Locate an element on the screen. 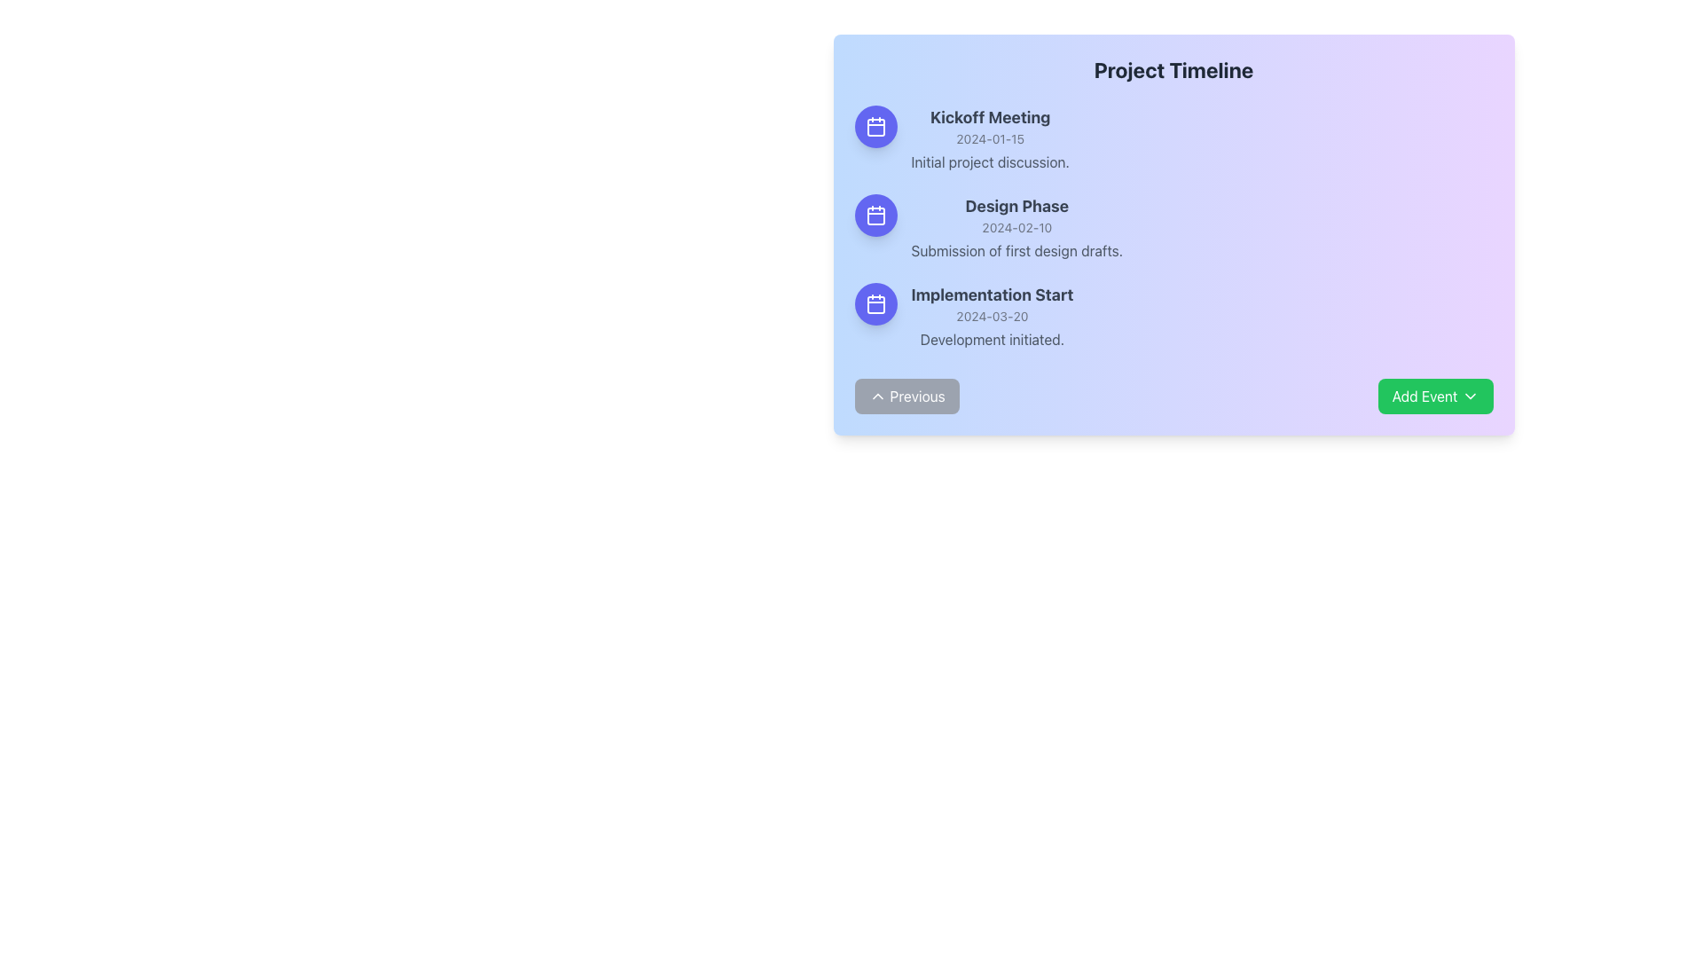  the circular calendar icon with a purple background and white calendar symbol, located to the left of the 'Design Phase' title in the project timeline is located at coordinates (875, 215).